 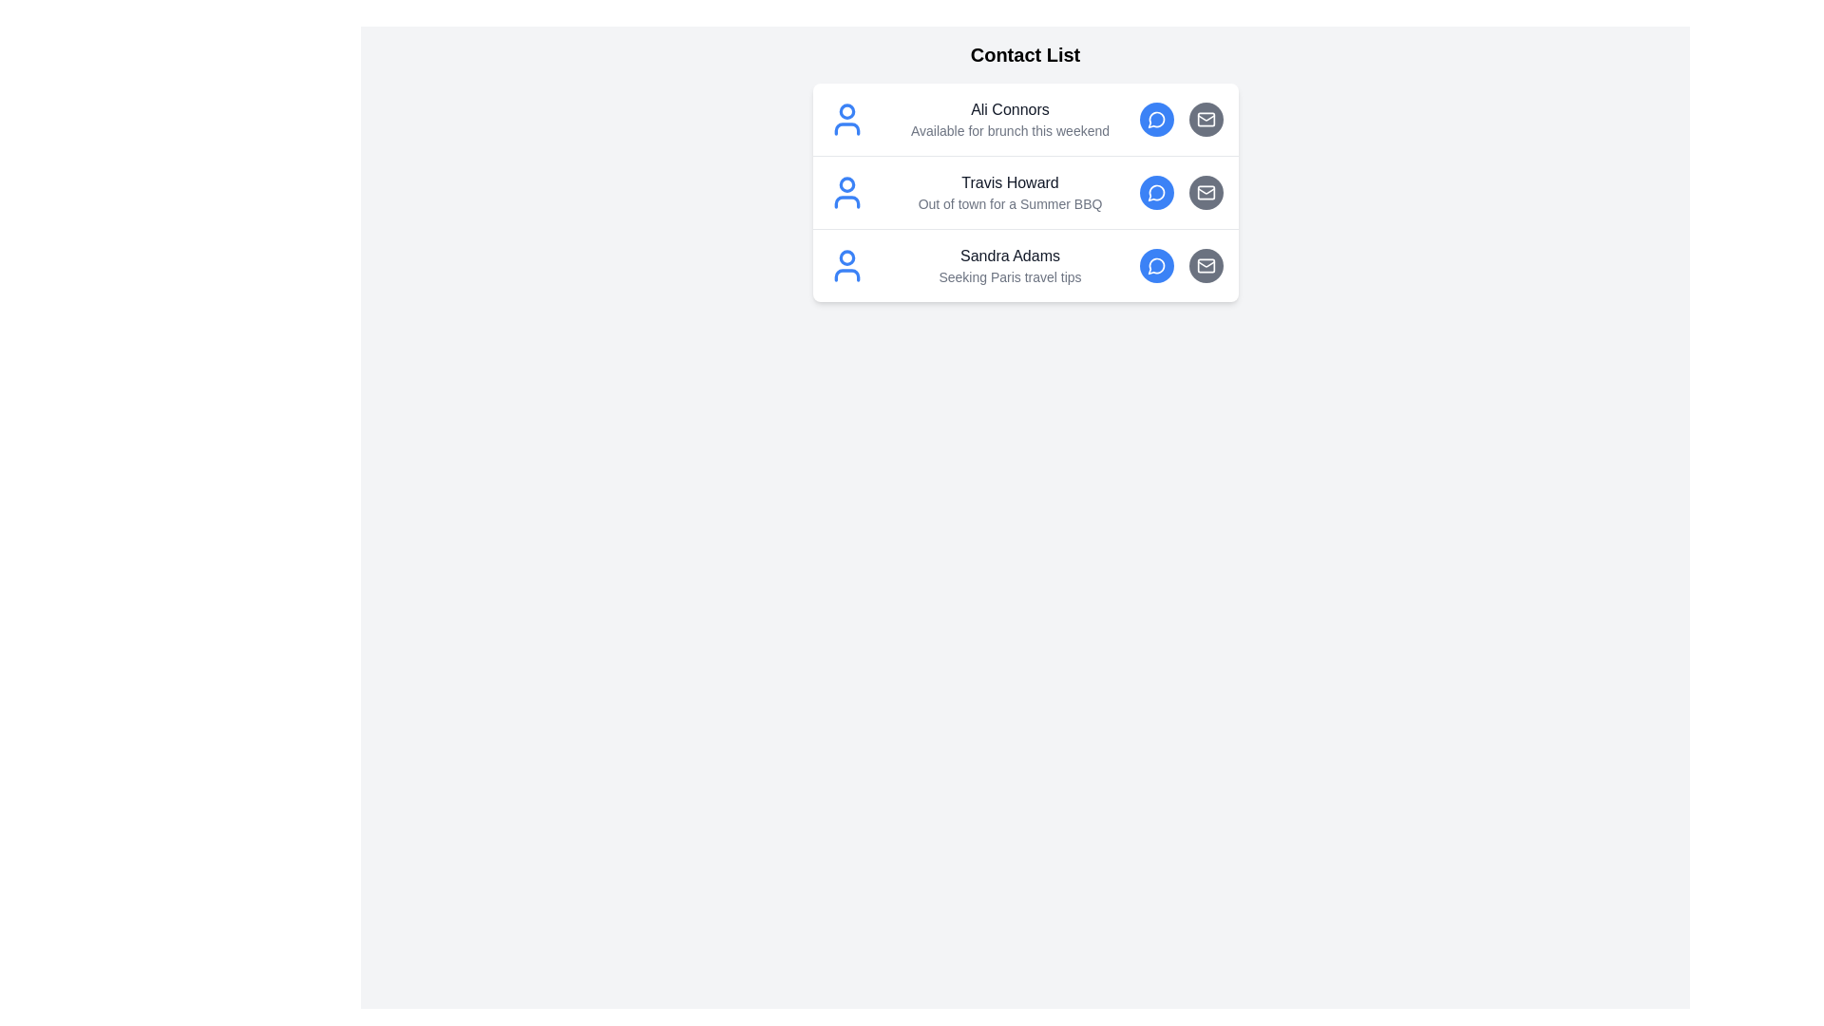 What do you see at coordinates (1009, 193) in the screenshot?
I see `text displayed in the second entry of the contact list, which shows 'Travis Howard' in bold black font and 'Out of town for a Summer BBQ' in lighter gray font` at bounding box center [1009, 193].